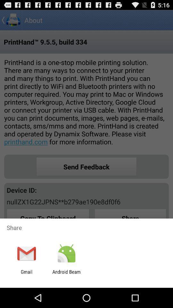 The height and width of the screenshot is (308, 173). What do you see at coordinates (26, 274) in the screenshot?
I see `the app next to android beam app` at bounding box center [26, 274].